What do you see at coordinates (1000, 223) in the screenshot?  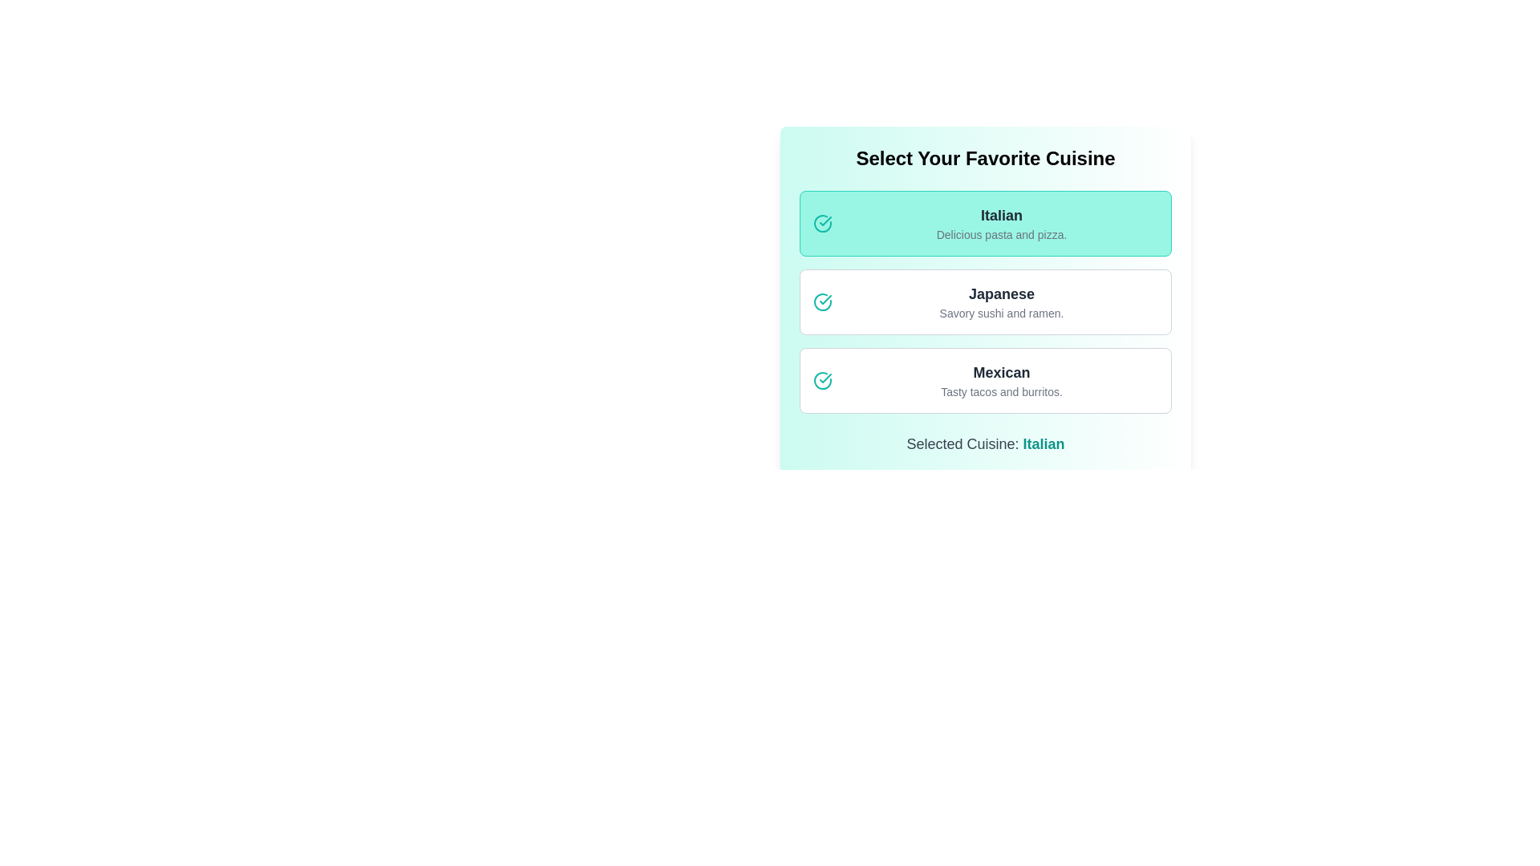 I see `to select the 'Italian' cuisine type from the top of the vertically-stacked list of selectable options` at bounding box center [1000, 223].